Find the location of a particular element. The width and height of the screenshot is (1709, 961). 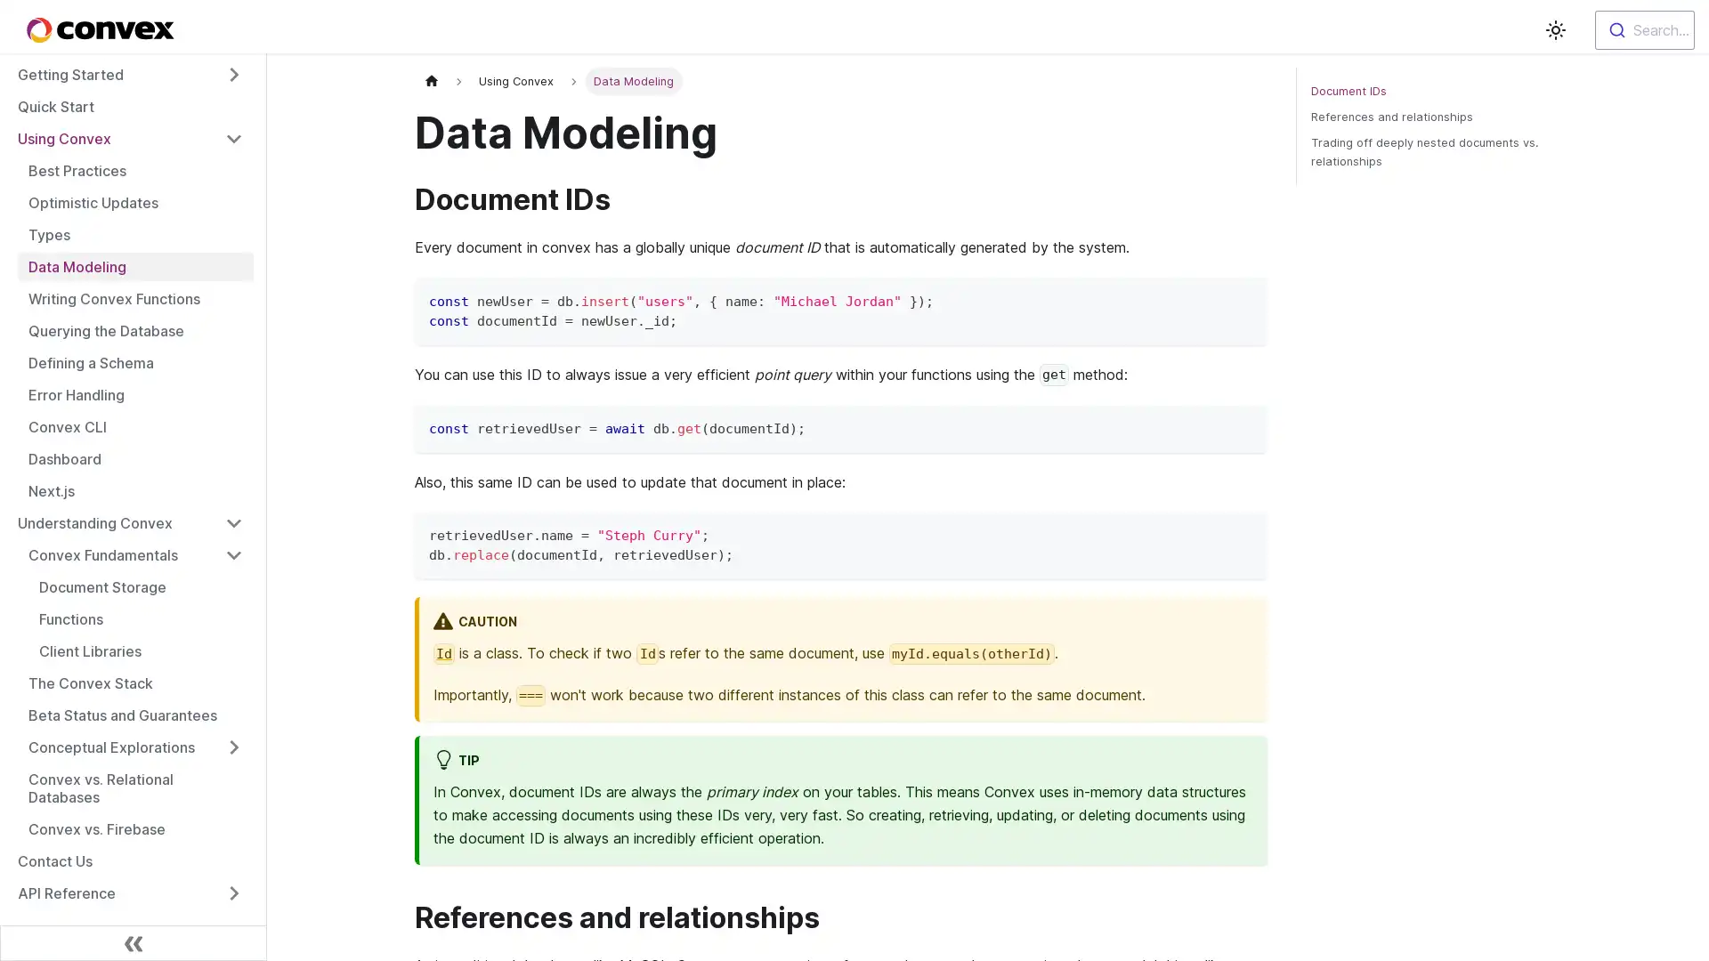

Toggle the collapsible sidebar category 'Understanding Convex' is located at coordinates (233, 521).